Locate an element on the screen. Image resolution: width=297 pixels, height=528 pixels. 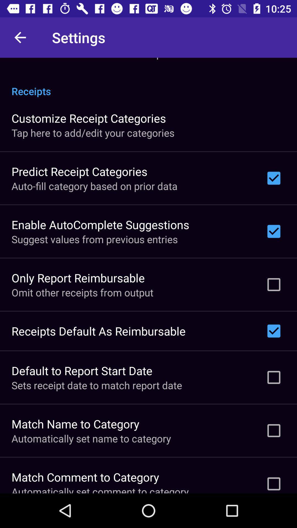
icon above enable autocomplete suggestions item is located at coordinates (94, 186).